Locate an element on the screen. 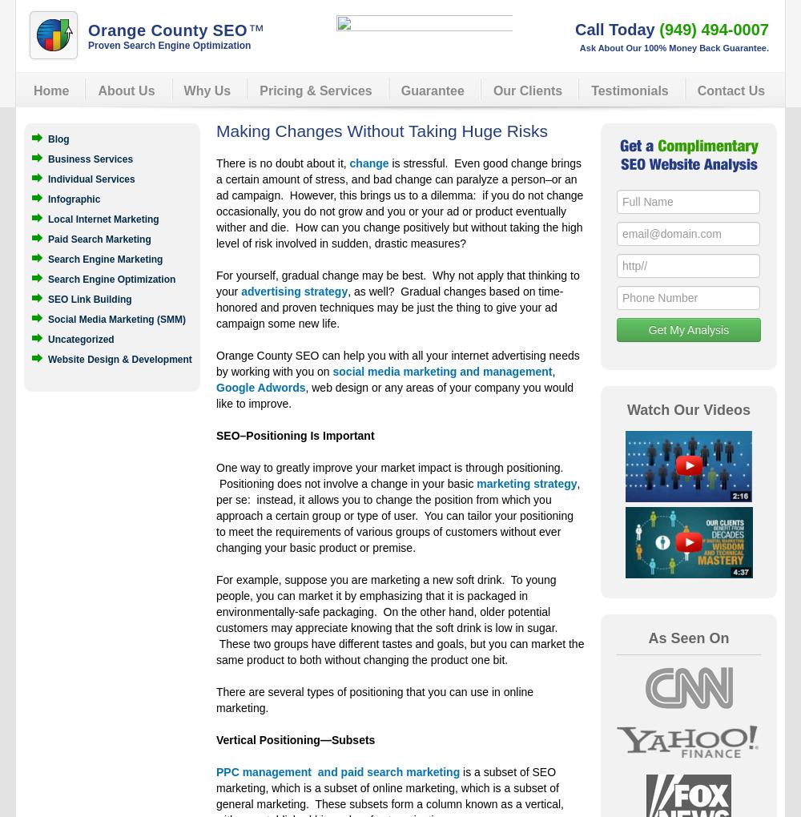  'One way to greatly improve your market impact is through positioning.  Positioning does not involve a change in your basic' is located at coordinates (388, 476).